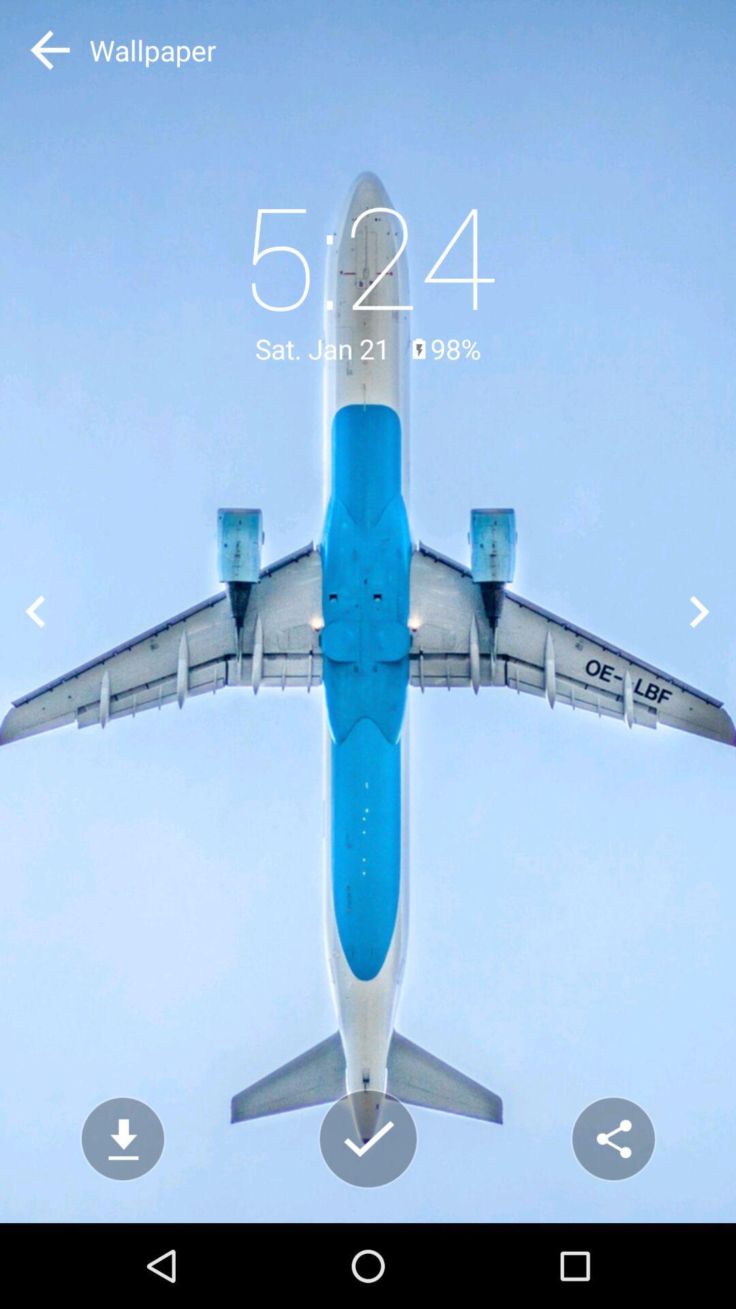 This screenshot has height=1309, width=736. Describe the element at coordinates (612, 1139) in the screenshot. I see `click share option` at that location.